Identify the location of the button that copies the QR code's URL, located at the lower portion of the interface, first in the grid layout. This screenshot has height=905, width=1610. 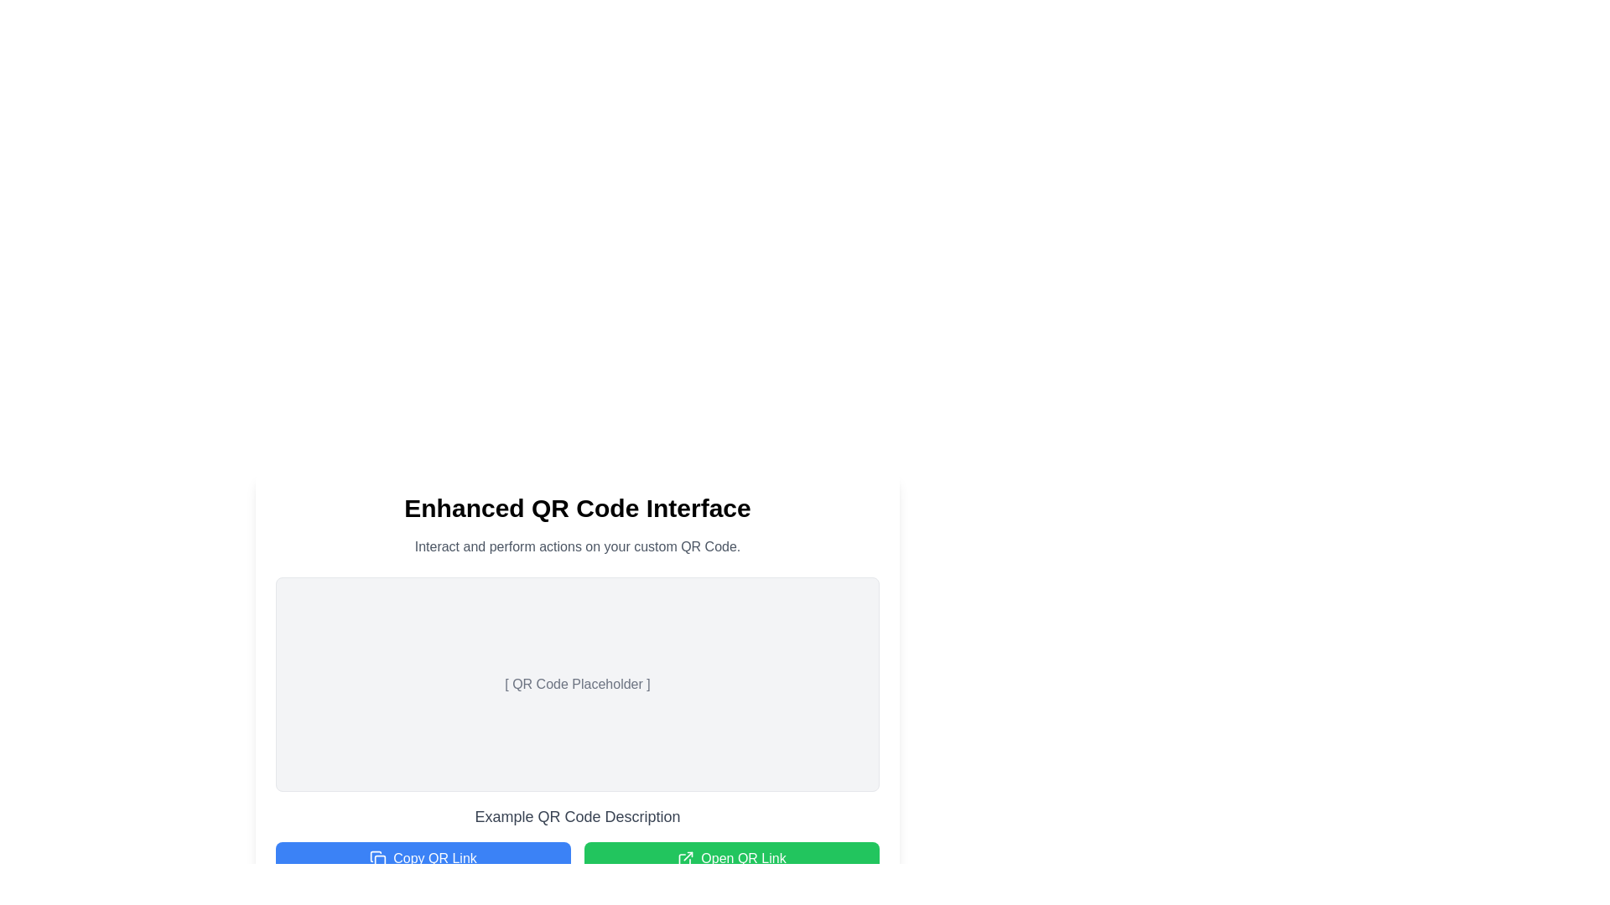
(423, 859).